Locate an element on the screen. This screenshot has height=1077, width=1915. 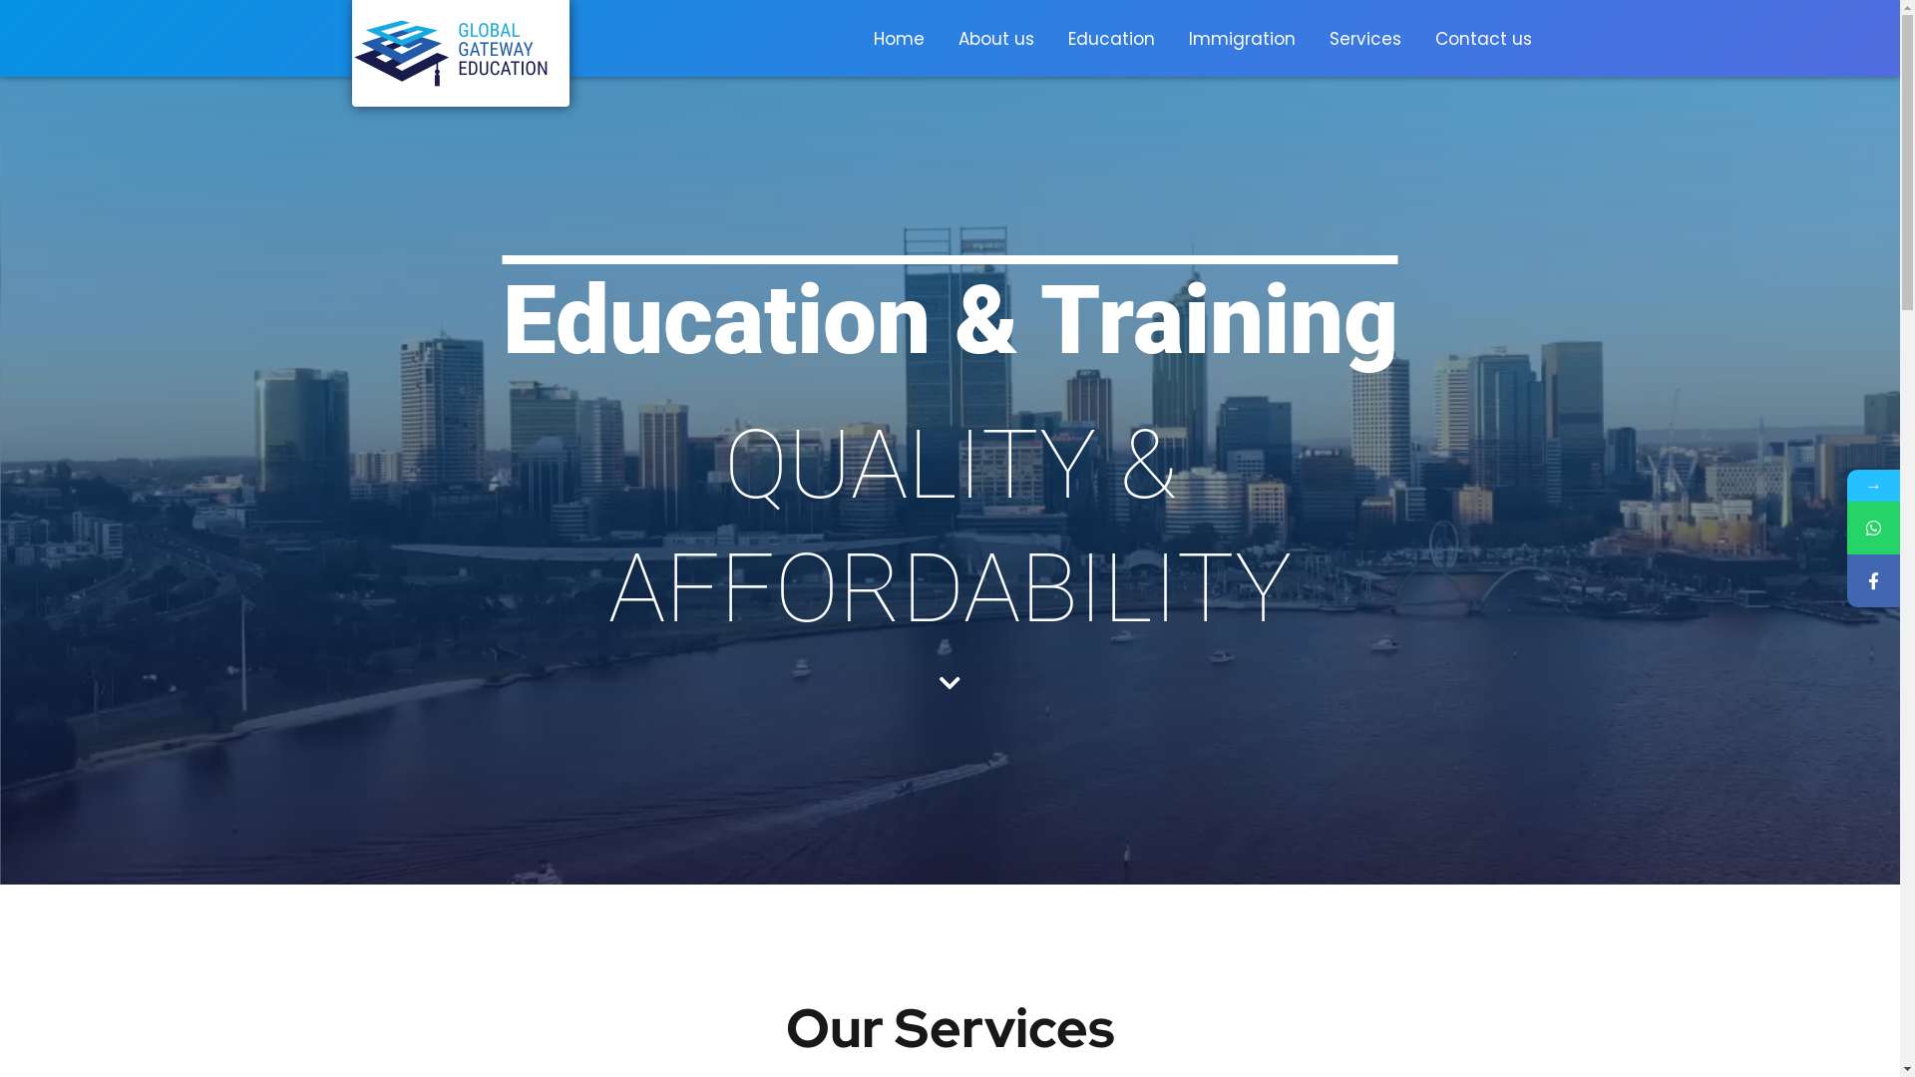
'Education' is located at coordinates (1110, 38).